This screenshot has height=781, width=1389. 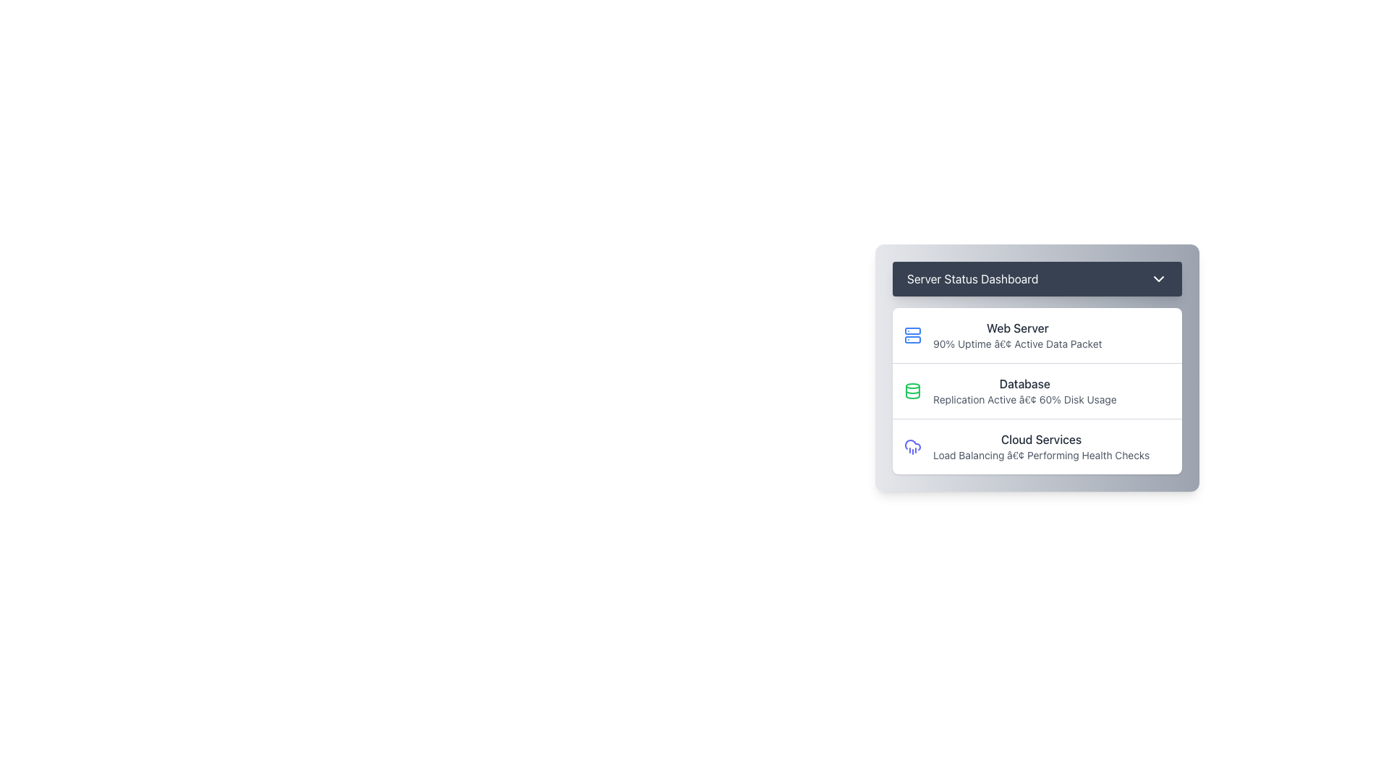 What do you see at coordinates (1024, 390) in the screenshot?
I see `the 'Database' label that displays 'Replication Active • 60% Disk Usage' in light gray, positioned in the server status dashboard as the second item in a vertical list` at bounding box center [1024, 390].